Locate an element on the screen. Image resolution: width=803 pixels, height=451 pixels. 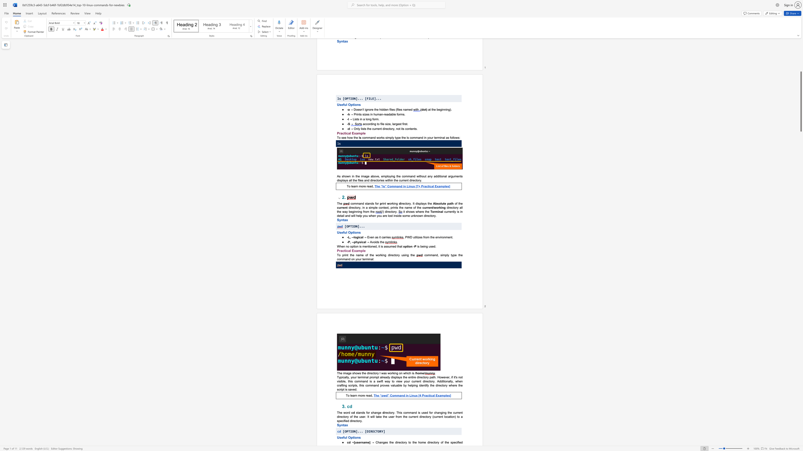
the 3th character "r" in the text is located at coordinates (432, 412).